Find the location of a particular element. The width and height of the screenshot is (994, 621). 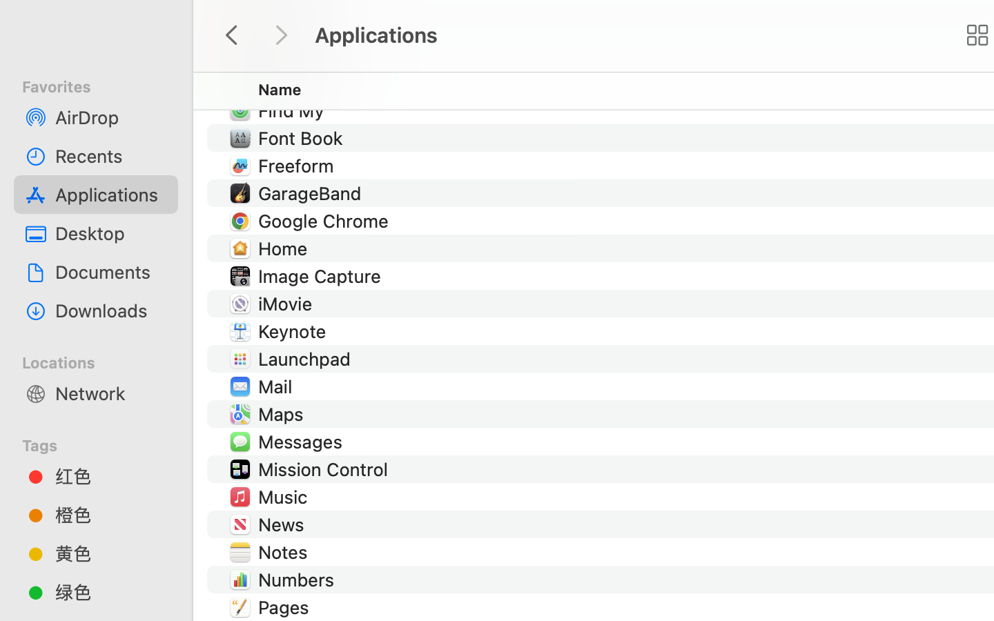

'Recents' is located at coordinates (110, 155).